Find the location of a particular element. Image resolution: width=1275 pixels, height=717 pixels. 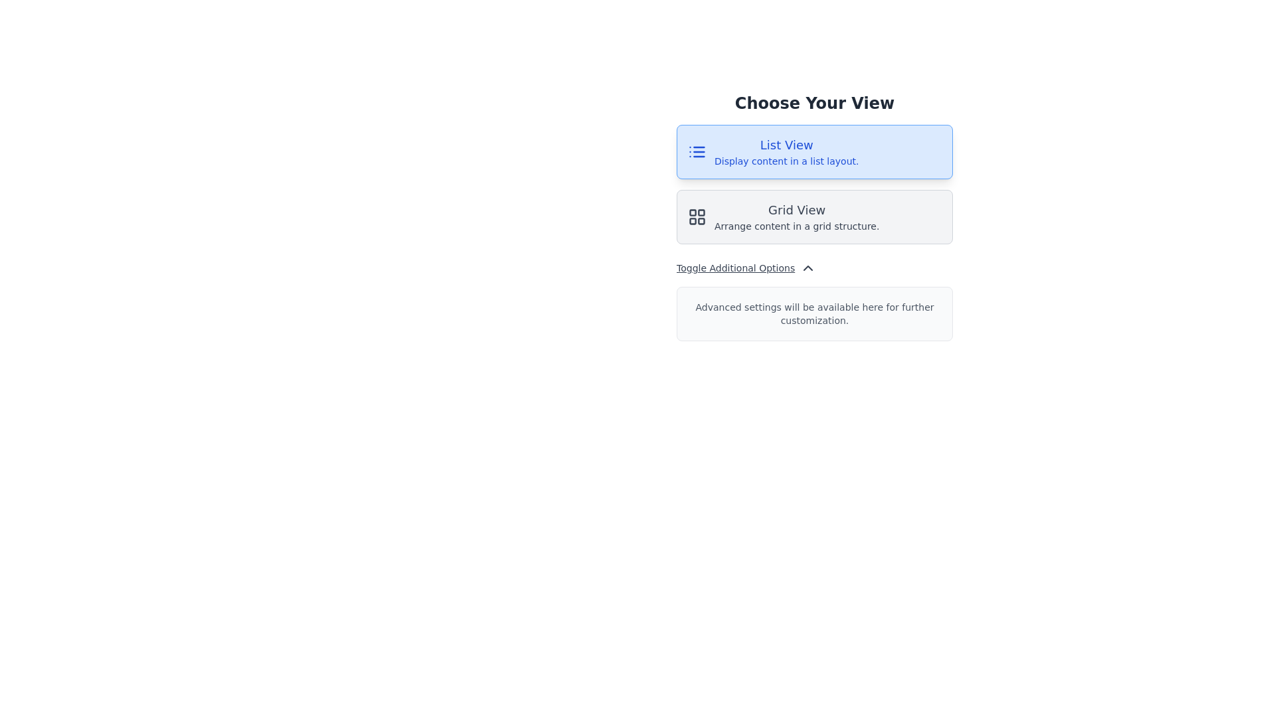

the 'Grid View' label, which is styled with a medium bold font and centered in its boundary, located below the 'List View' option is located at coordinates (797, 209).